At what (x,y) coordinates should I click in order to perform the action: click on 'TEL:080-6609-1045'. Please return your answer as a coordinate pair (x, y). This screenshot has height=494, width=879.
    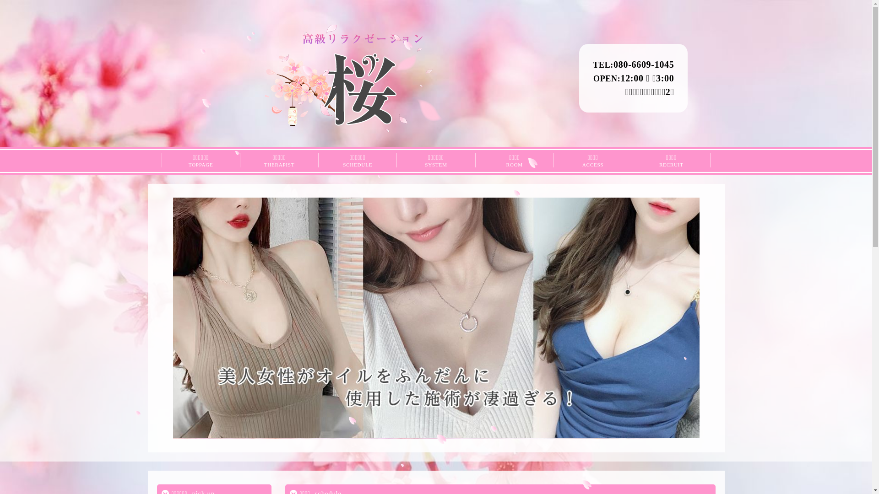
    Looking at the image, I should click on (593, 64).